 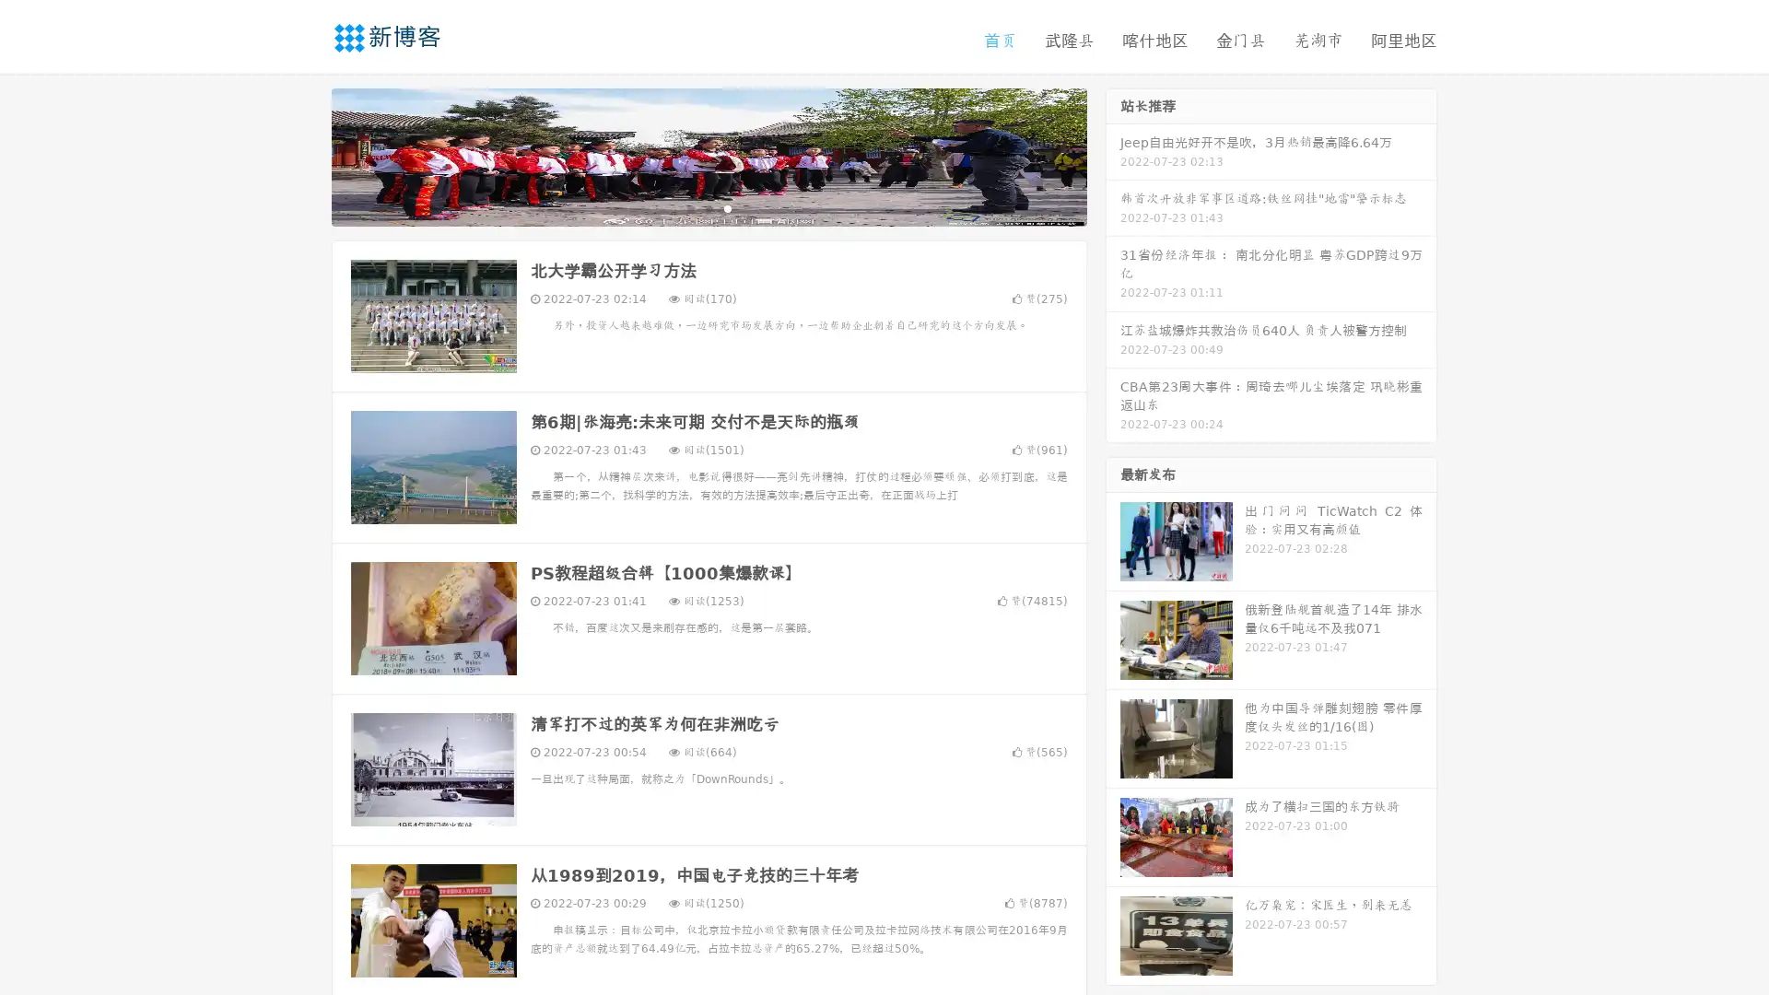 I want to click on Previous slide, so click(x=304, y=155).